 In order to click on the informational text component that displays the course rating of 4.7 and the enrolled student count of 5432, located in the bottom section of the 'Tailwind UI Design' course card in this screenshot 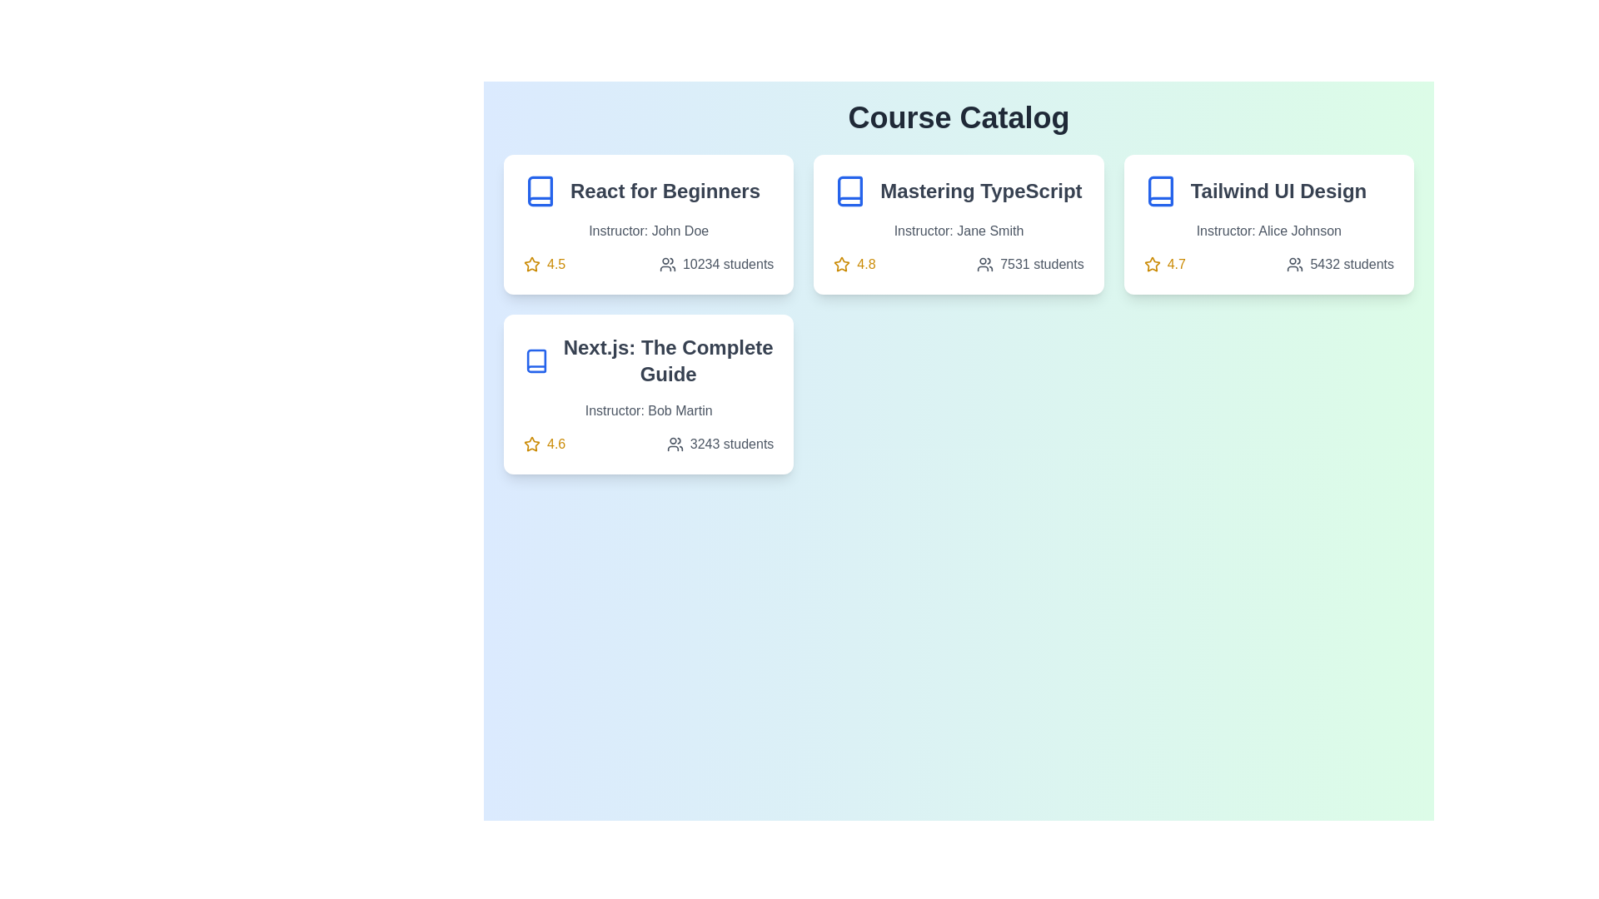, I will do `click(1268, 263)`.